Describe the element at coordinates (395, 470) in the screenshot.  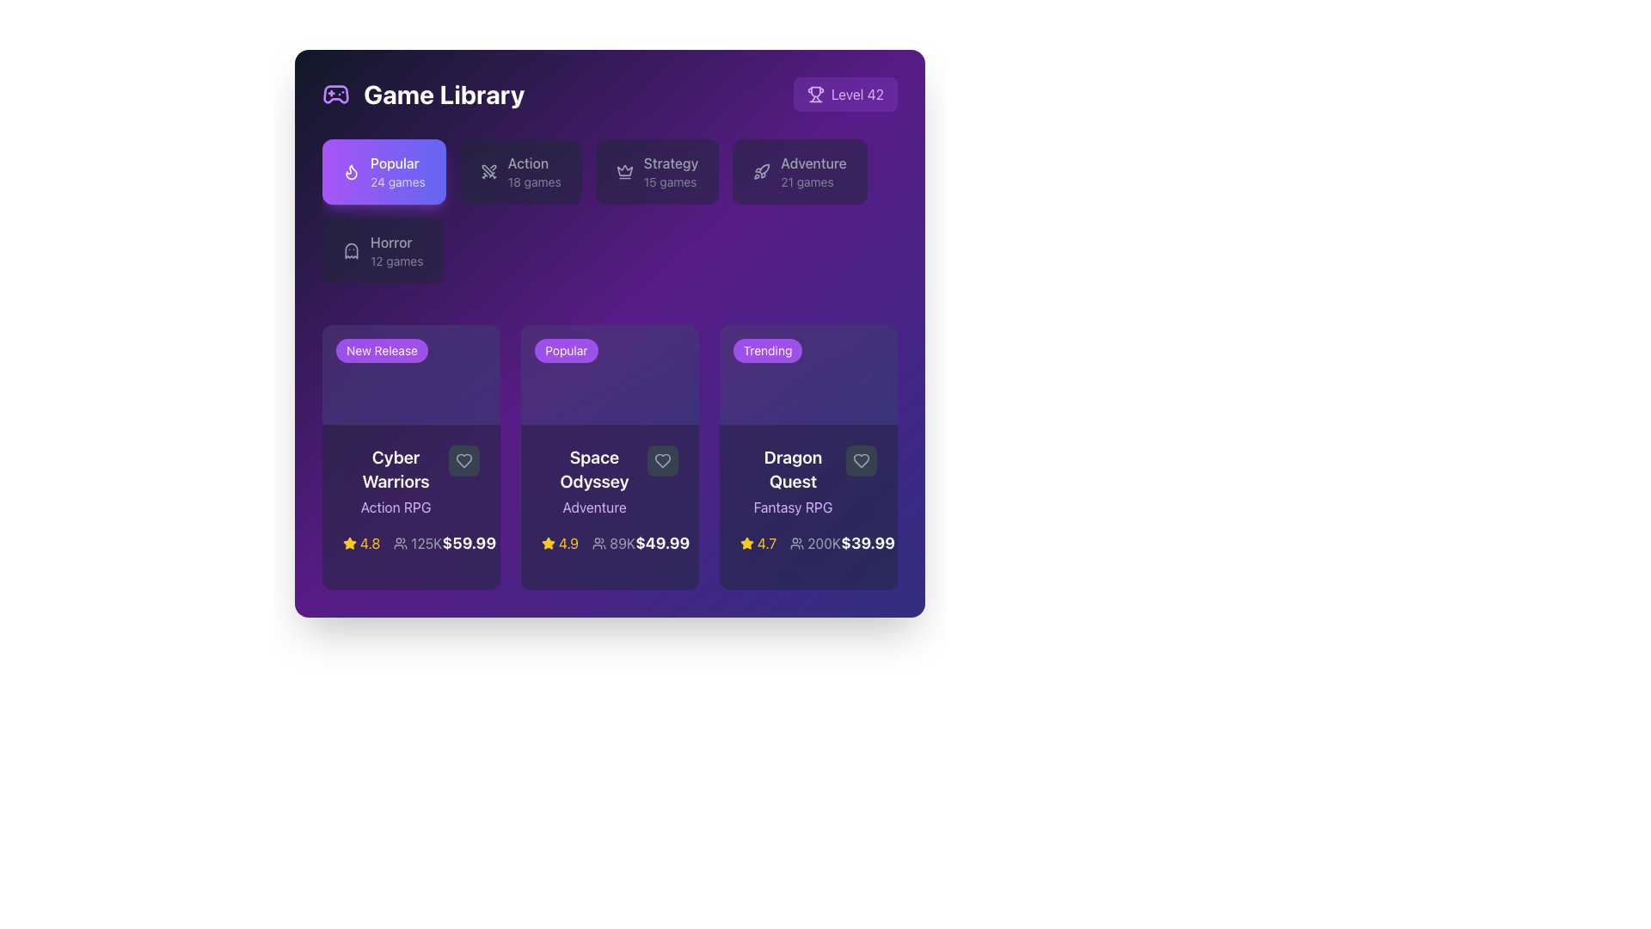
I see `game title 'Cyber Warriors' displayed in a bold white font on the dark purple card background, which is centered horizontally in the first game card` at that location.